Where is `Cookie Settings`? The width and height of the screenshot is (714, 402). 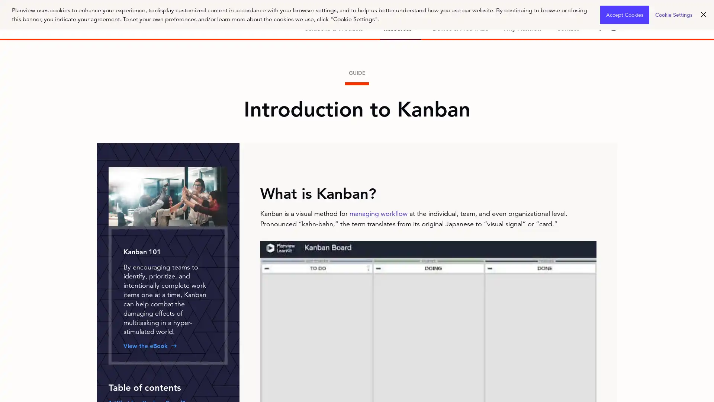 Cookie Settings is located at coordinates (674, 15).